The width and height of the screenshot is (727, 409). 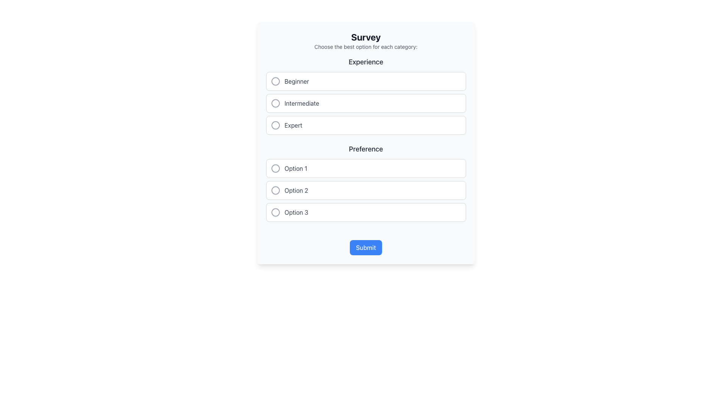 I want to click on text label 'Option 1' located in the 'Preference' section of the survey form, specifically in the first row of options, so click(x=295, y=168).